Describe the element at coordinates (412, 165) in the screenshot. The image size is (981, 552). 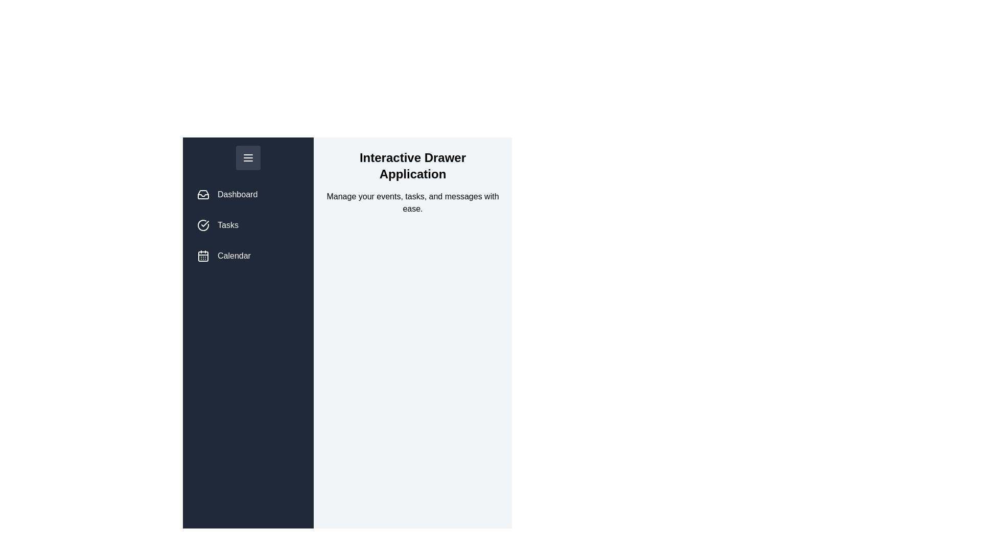
I see `the main header text at the top-center of the application interface, which introduces the functionality of the application` at that location.